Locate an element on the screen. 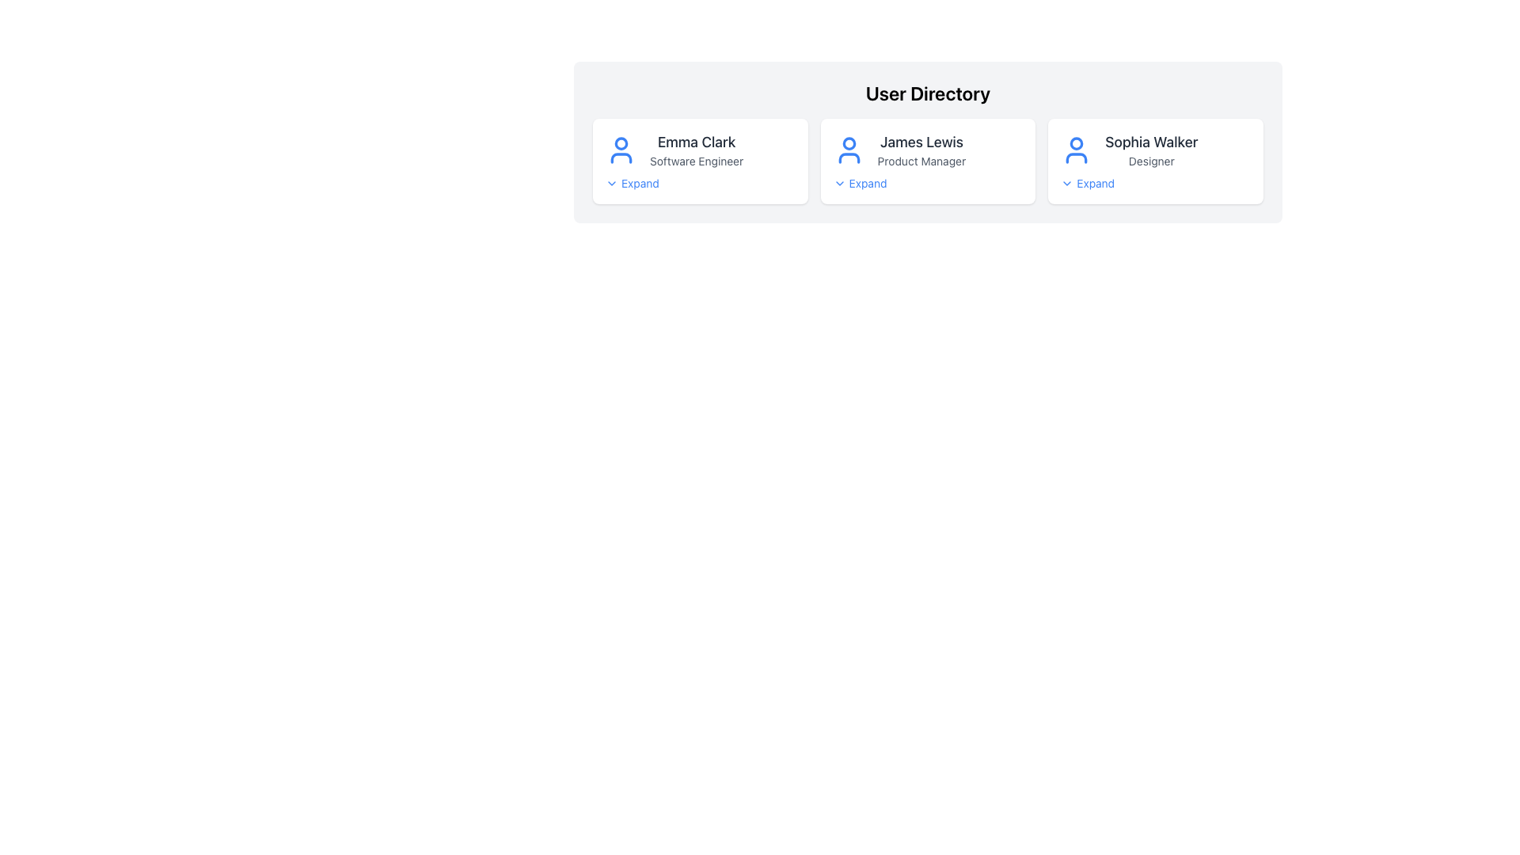 The width and height of the screenshot is (1520, 855). the text label displaying the name 'Sophia Walker' in the user directory, which is located in the rightmost column above the text 'Designer' is located at coordinates (1151, 142).